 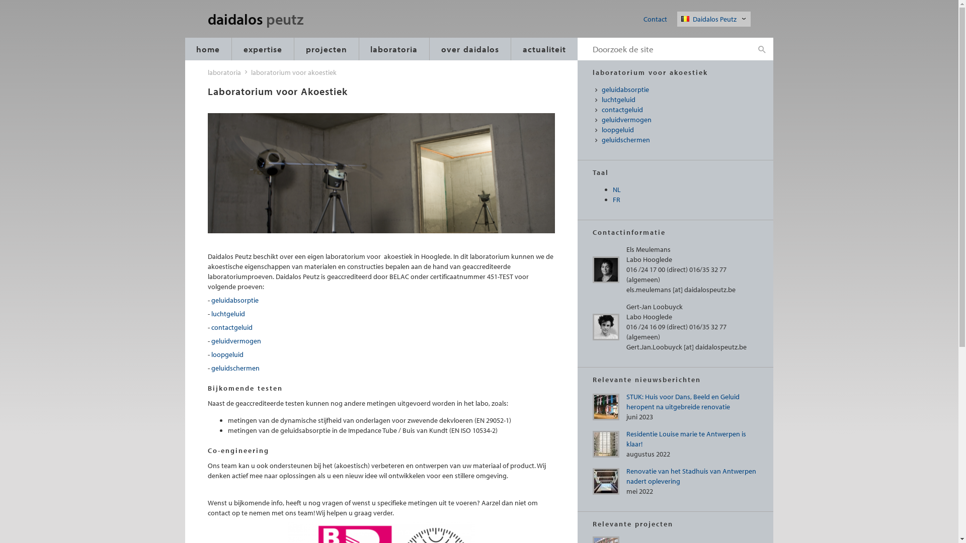 What do you see at coordinates (223, 71) in the screenshot?
I see `'laboratoria'` at bounding box center [223, 71].